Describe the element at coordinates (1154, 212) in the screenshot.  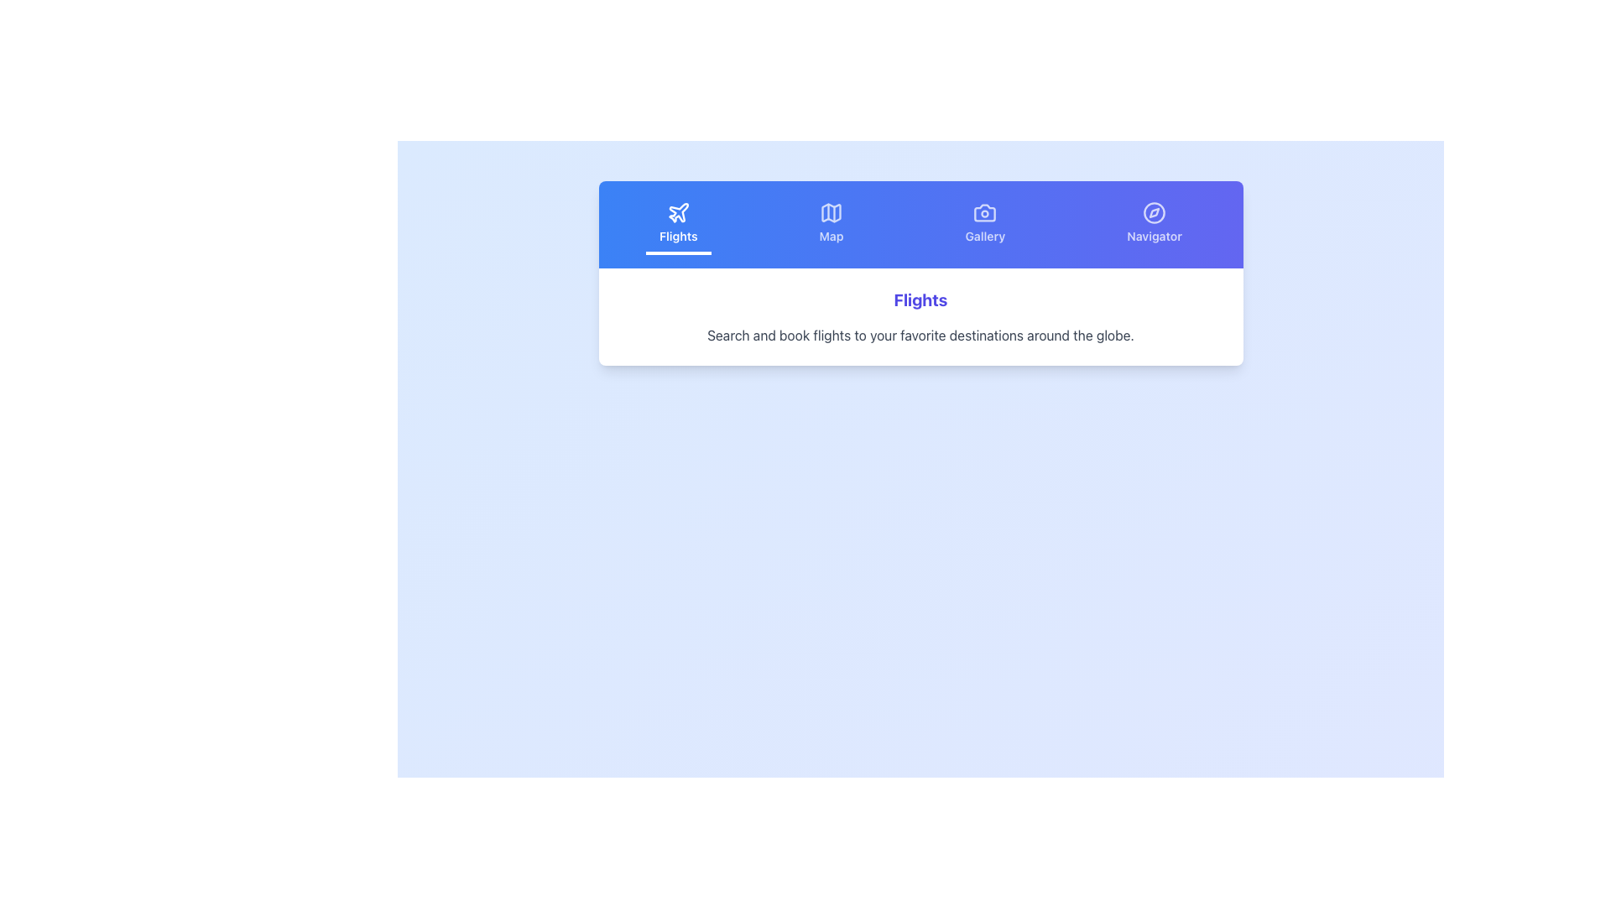
I see `the decorative graphical element that represents a needle or pointer shape in the rightmost tab of the navigation bar under the 'Navigator' label` at that location.